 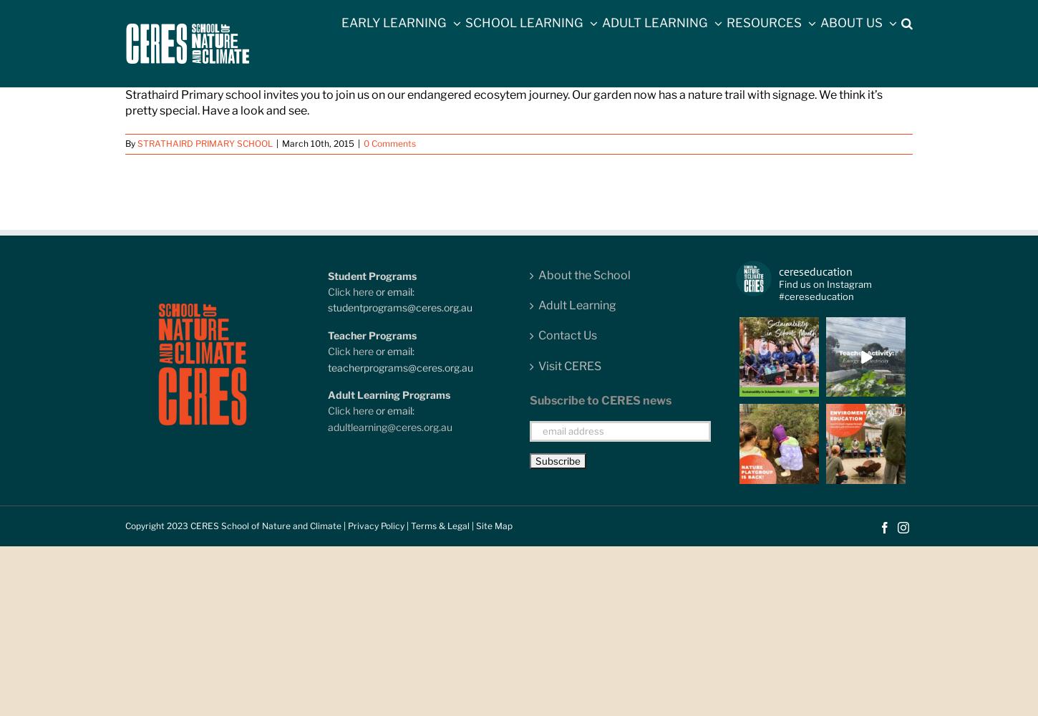 What do you see at coordinates (493, 525) in the screenshot?
I see `'Site Map'` at bounding box center [493, 525].